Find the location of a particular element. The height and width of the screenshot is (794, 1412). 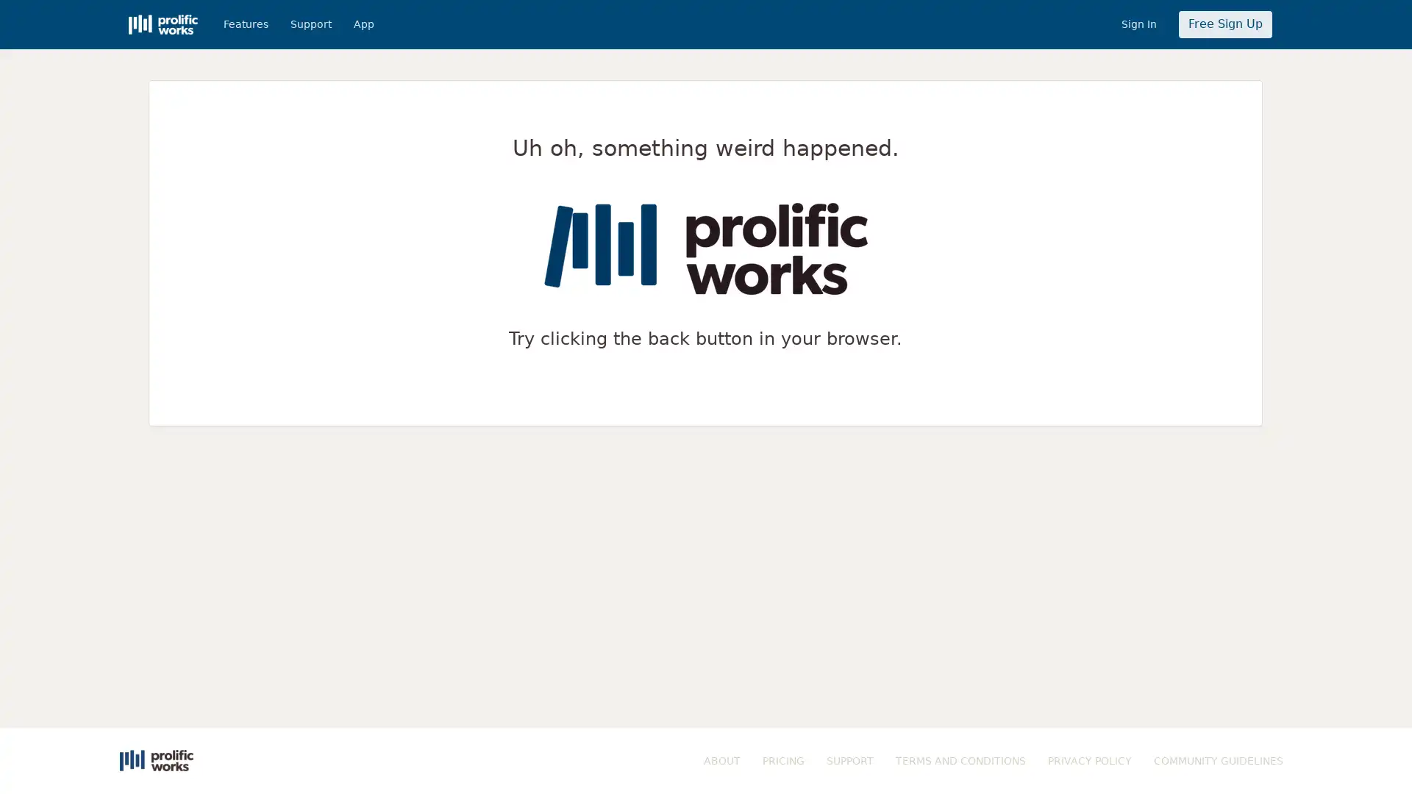

Free Sign Up is located at coordinates (1224, 24).